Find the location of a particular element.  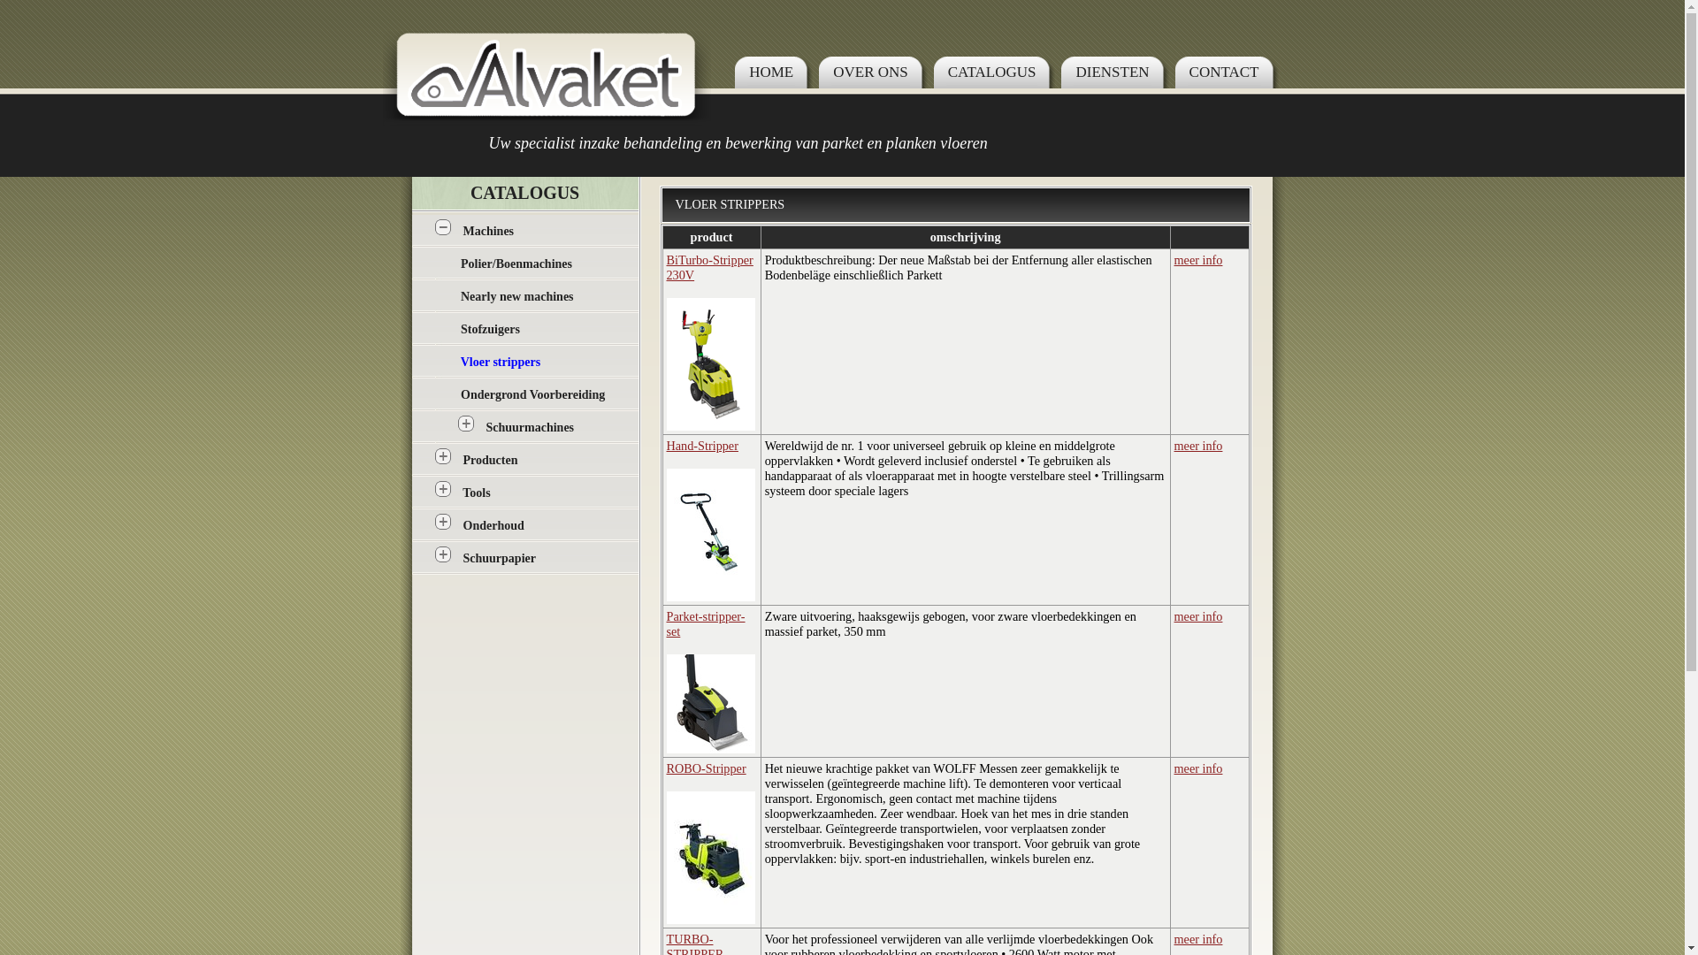

'Tools' is located at coordinates (476, 493).